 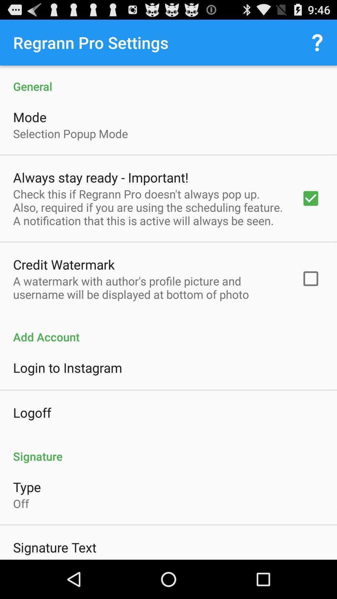 I want to click on the check this if, so click(x=149, y=207).